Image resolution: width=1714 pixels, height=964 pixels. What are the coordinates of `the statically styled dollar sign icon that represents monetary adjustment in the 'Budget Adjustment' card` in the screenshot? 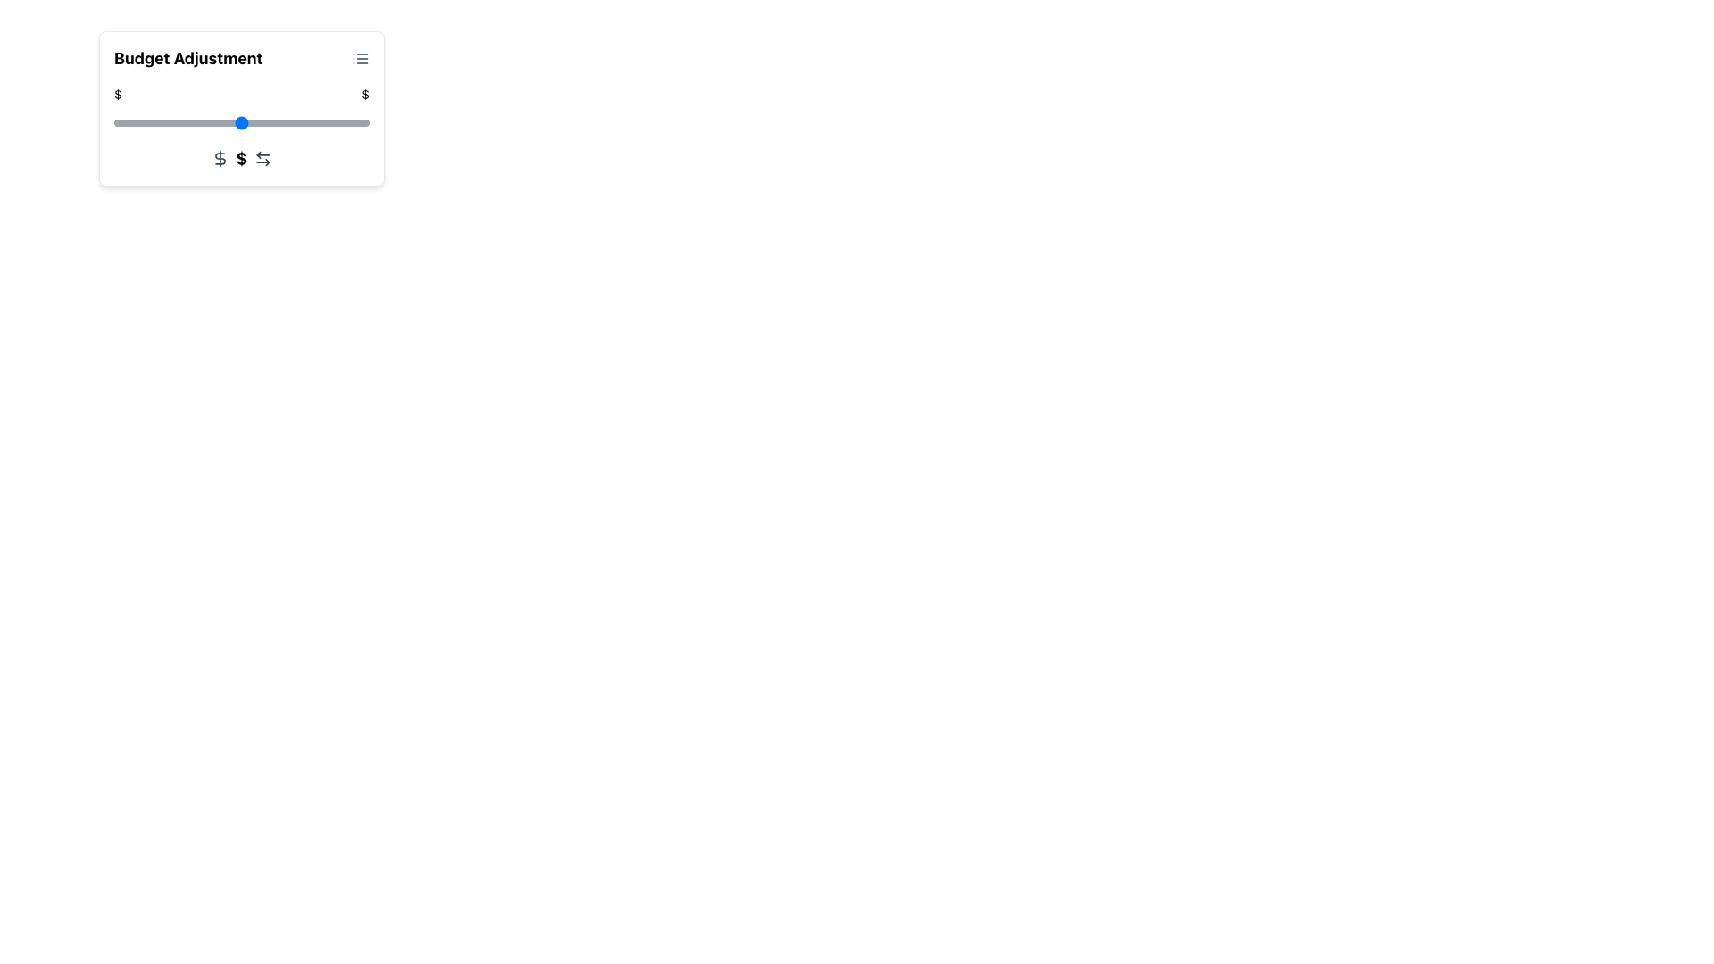 It's located at (240, 157).